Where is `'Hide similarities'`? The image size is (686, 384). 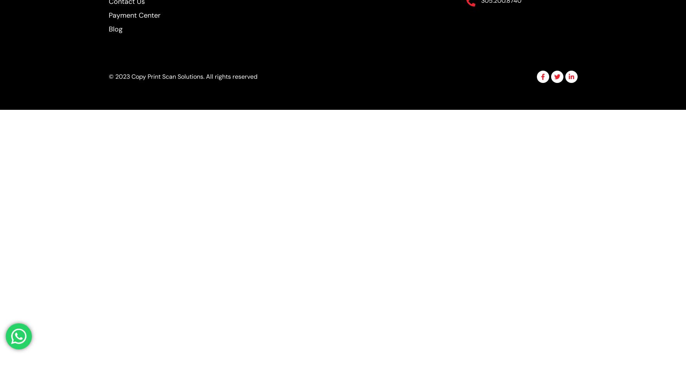
'Hide similarities' is located at coordinates (310, 19).